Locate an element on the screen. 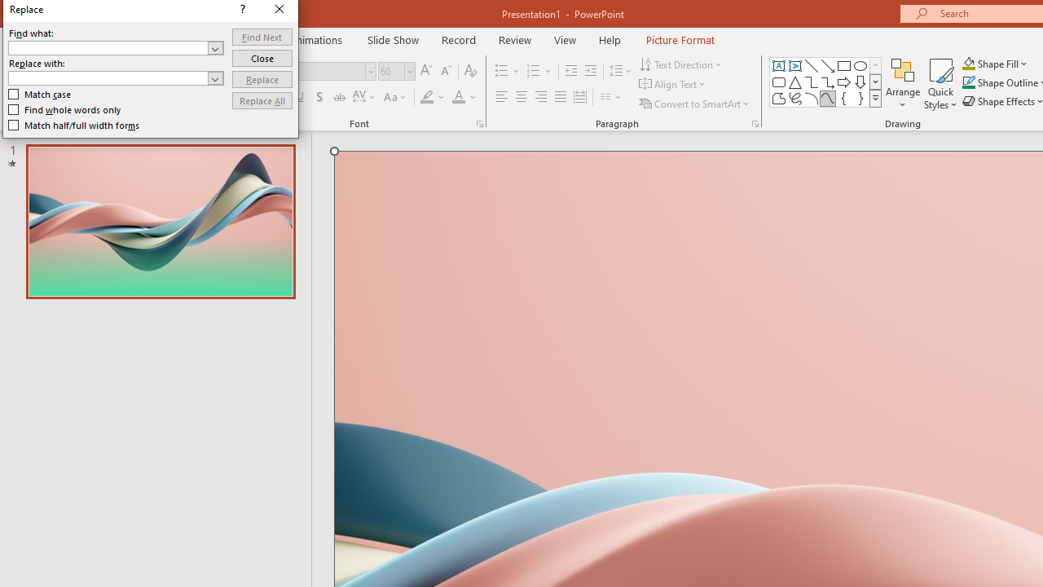  'Shape Outline Blue, Accent 1' is located at coordinates (969, 82).